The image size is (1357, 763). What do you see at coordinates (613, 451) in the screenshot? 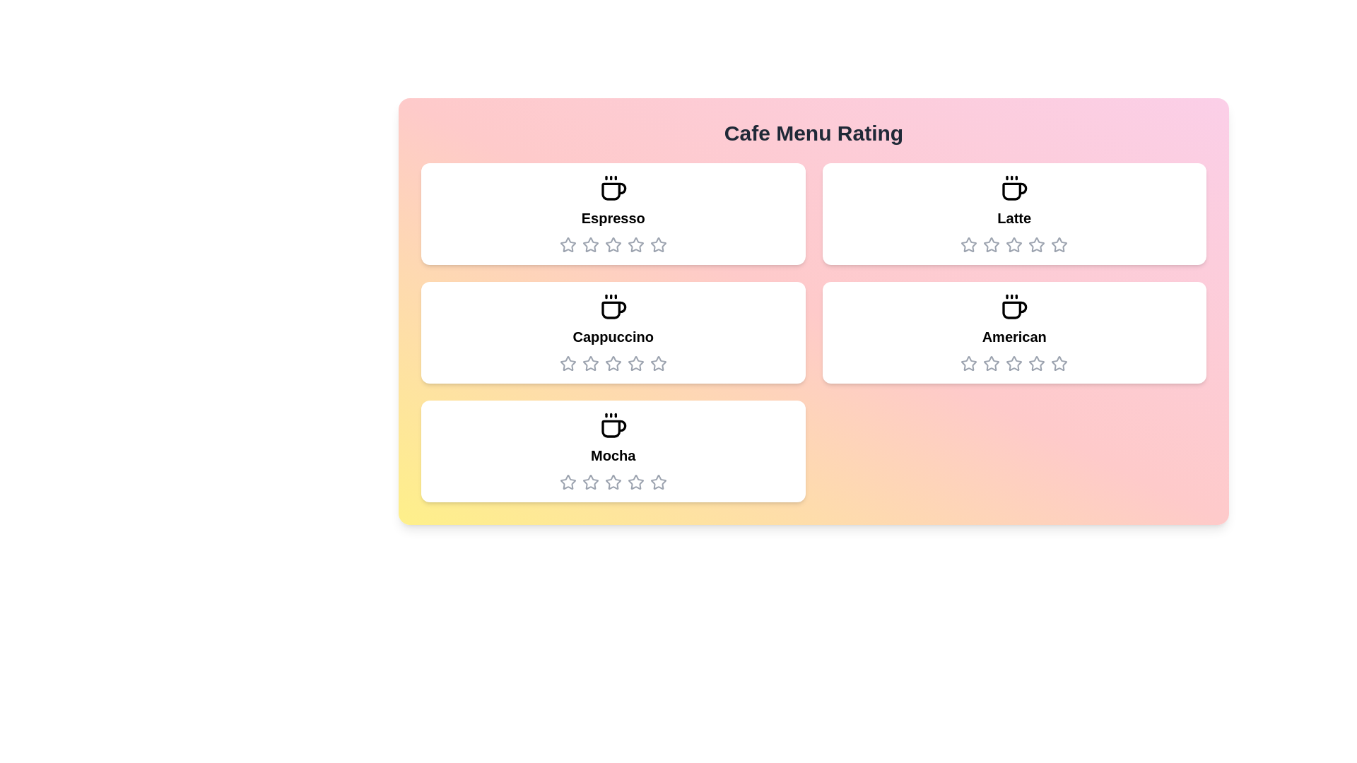
I see `the menu item Mocha to navigate to its details` at bounding box center [613, 451].